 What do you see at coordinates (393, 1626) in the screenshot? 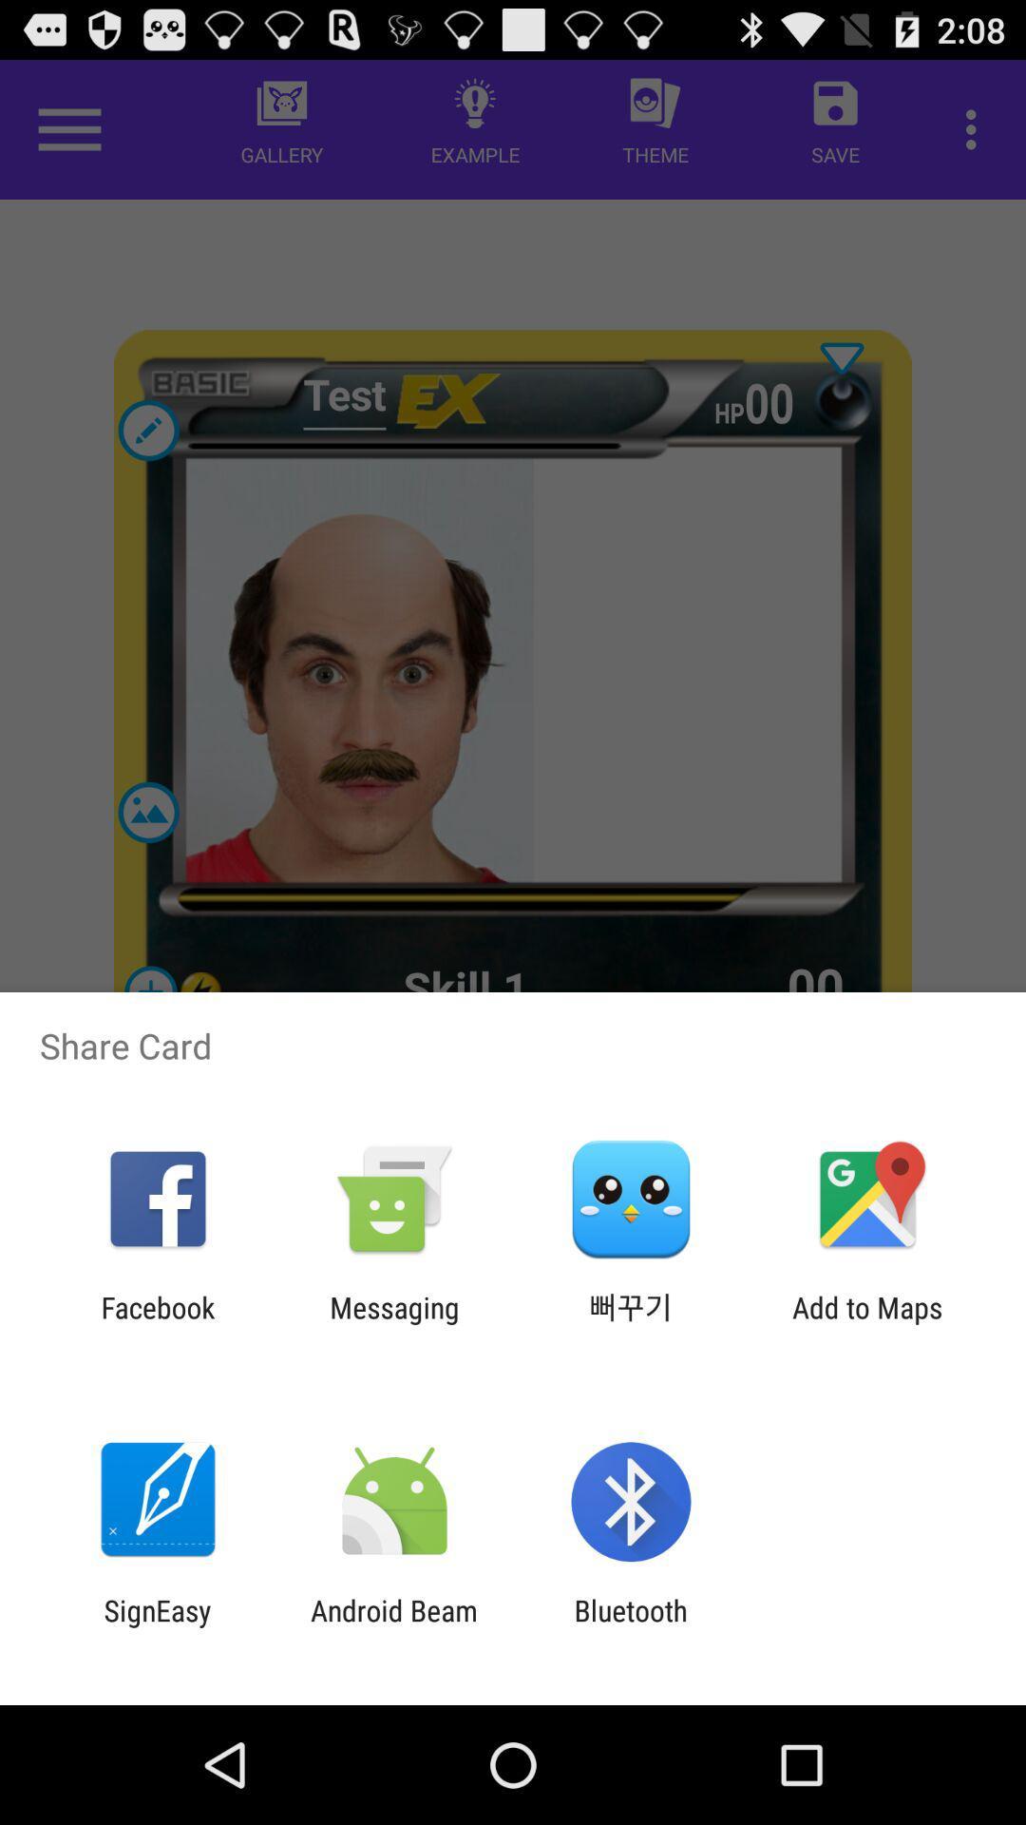
I see `android beam` at bounding box center [393, 1626].